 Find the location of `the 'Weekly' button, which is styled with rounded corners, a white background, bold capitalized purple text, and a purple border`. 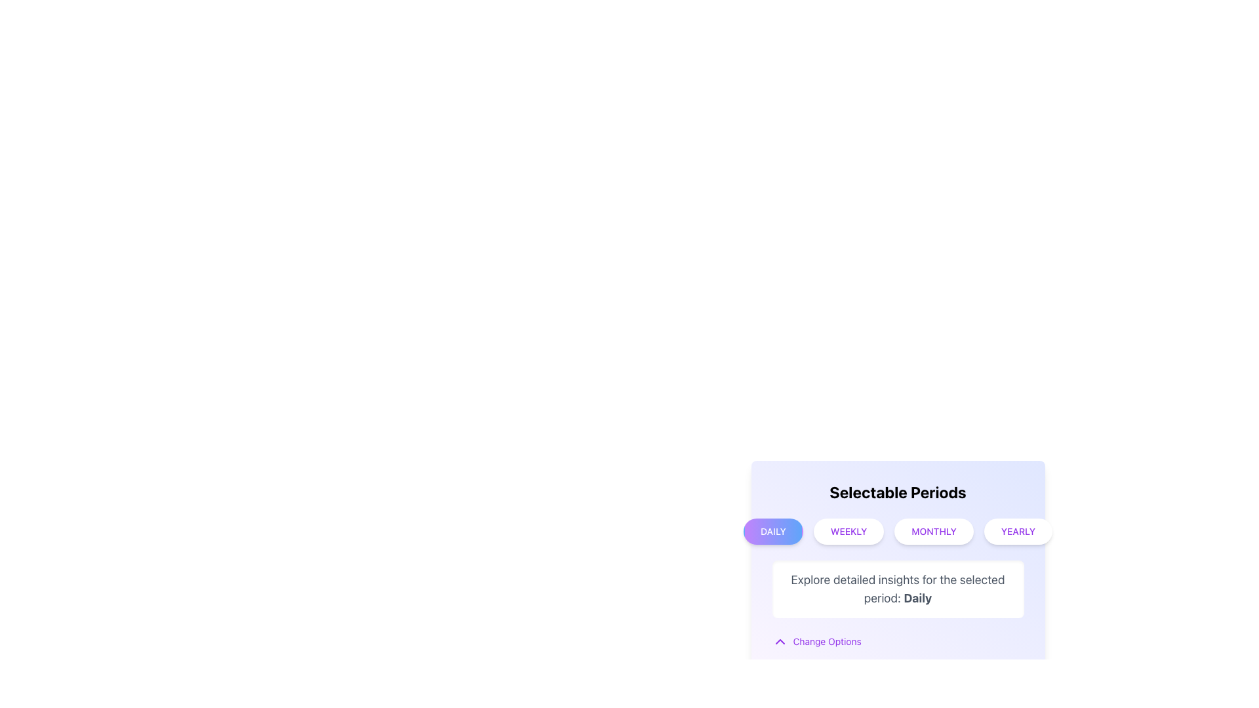

the 'Weekly' button, which is styled with rounded corners, a white background, bold capitalized purple text, and a purple border is located at coordinates (849, 531).